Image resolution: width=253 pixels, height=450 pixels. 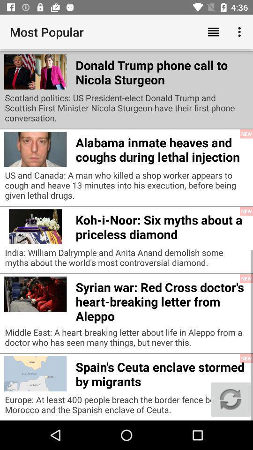 What do you see at coordinates (161, 148) in the screenshot?
I see `the app below the scotland politics us item` at bounding box center [161, 148].